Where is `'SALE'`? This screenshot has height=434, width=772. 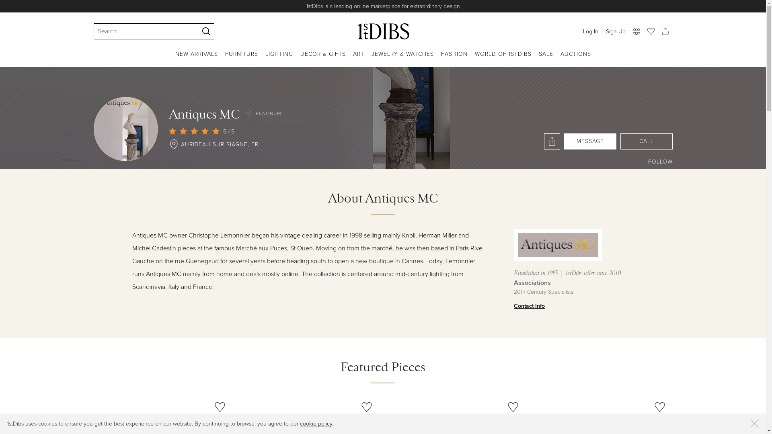 'SALE' is located at coordinates (546, 58).